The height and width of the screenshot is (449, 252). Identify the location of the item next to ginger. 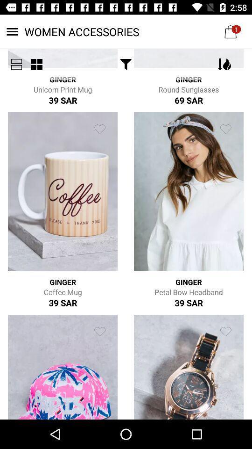
(126, 64).